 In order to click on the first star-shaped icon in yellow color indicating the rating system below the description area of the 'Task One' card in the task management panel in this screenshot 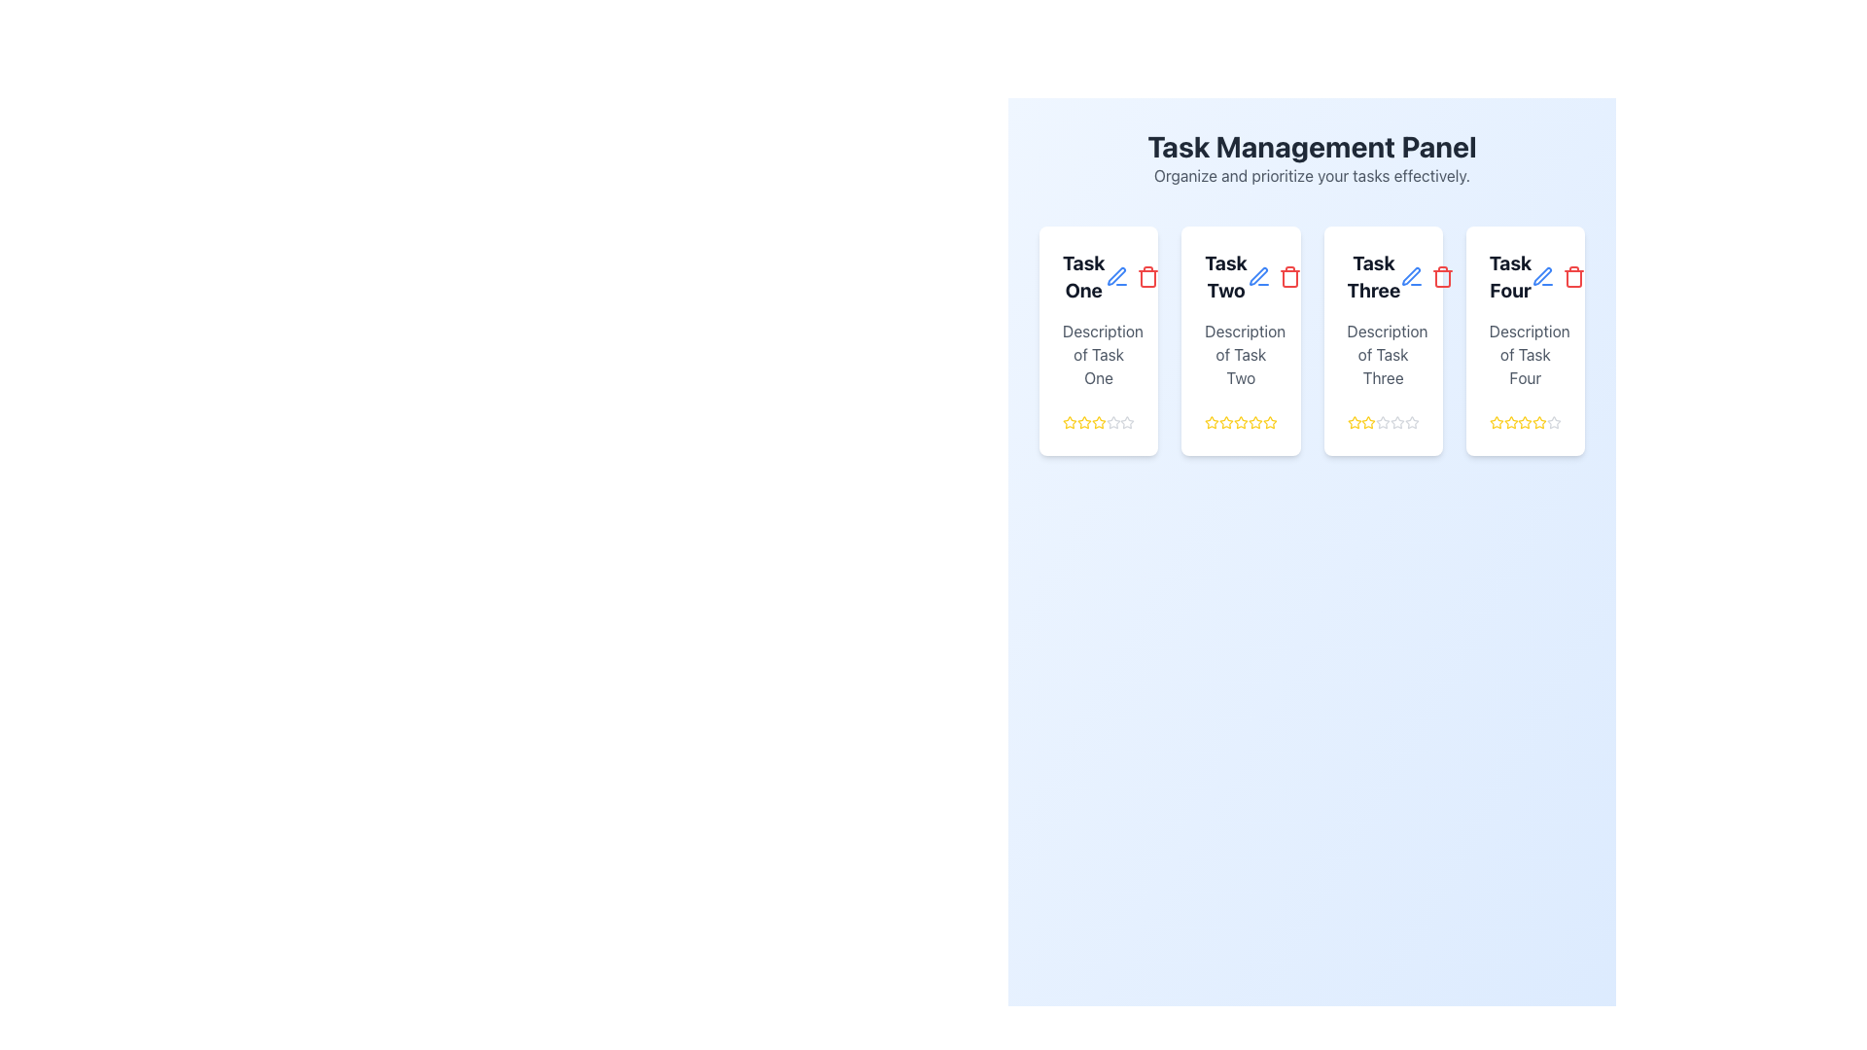, I will do `click(1069, 421)`.